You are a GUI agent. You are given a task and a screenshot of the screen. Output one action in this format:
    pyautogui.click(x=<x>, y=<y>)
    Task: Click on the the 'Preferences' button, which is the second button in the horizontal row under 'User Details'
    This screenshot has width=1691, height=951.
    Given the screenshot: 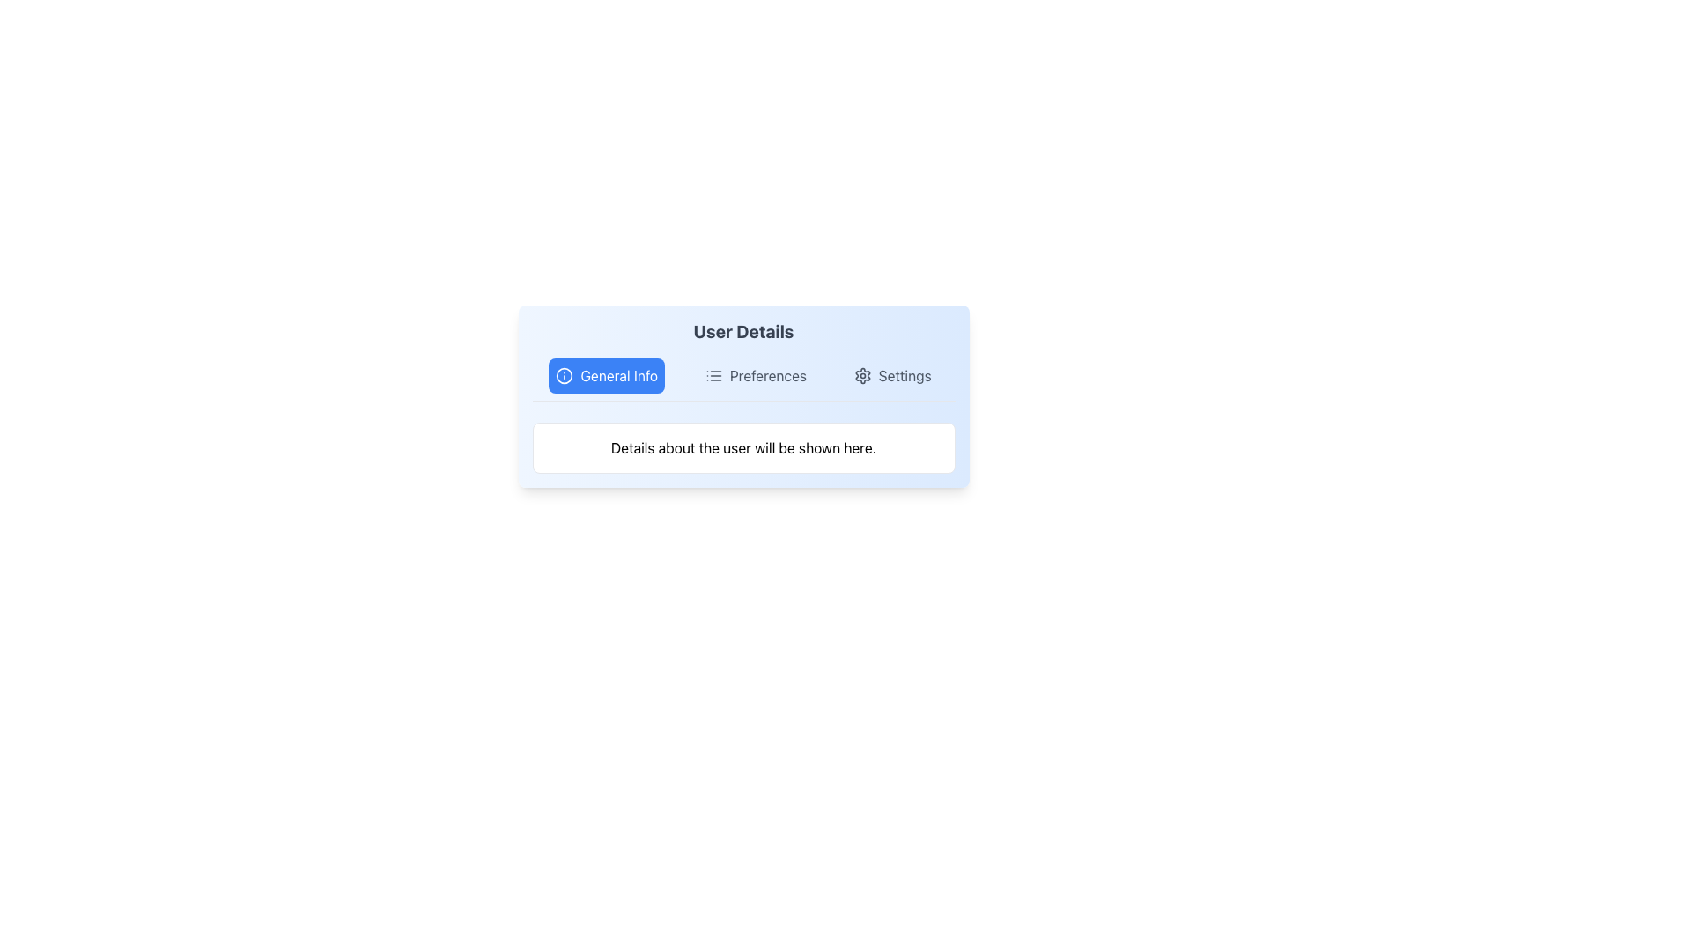 What is the action you would take?
    pyautogui.click(x=756, y=375)
    